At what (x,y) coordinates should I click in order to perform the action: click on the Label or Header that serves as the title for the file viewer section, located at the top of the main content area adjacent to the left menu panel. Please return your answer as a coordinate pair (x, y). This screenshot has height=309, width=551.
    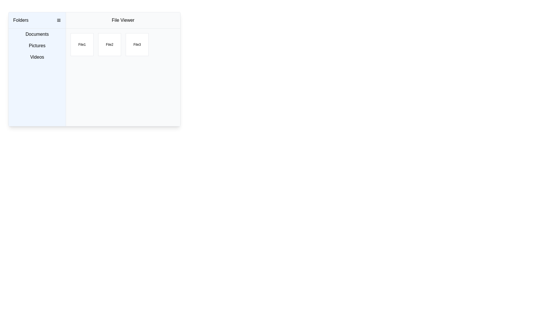
    Looking at the image, I should click on (123, 20).